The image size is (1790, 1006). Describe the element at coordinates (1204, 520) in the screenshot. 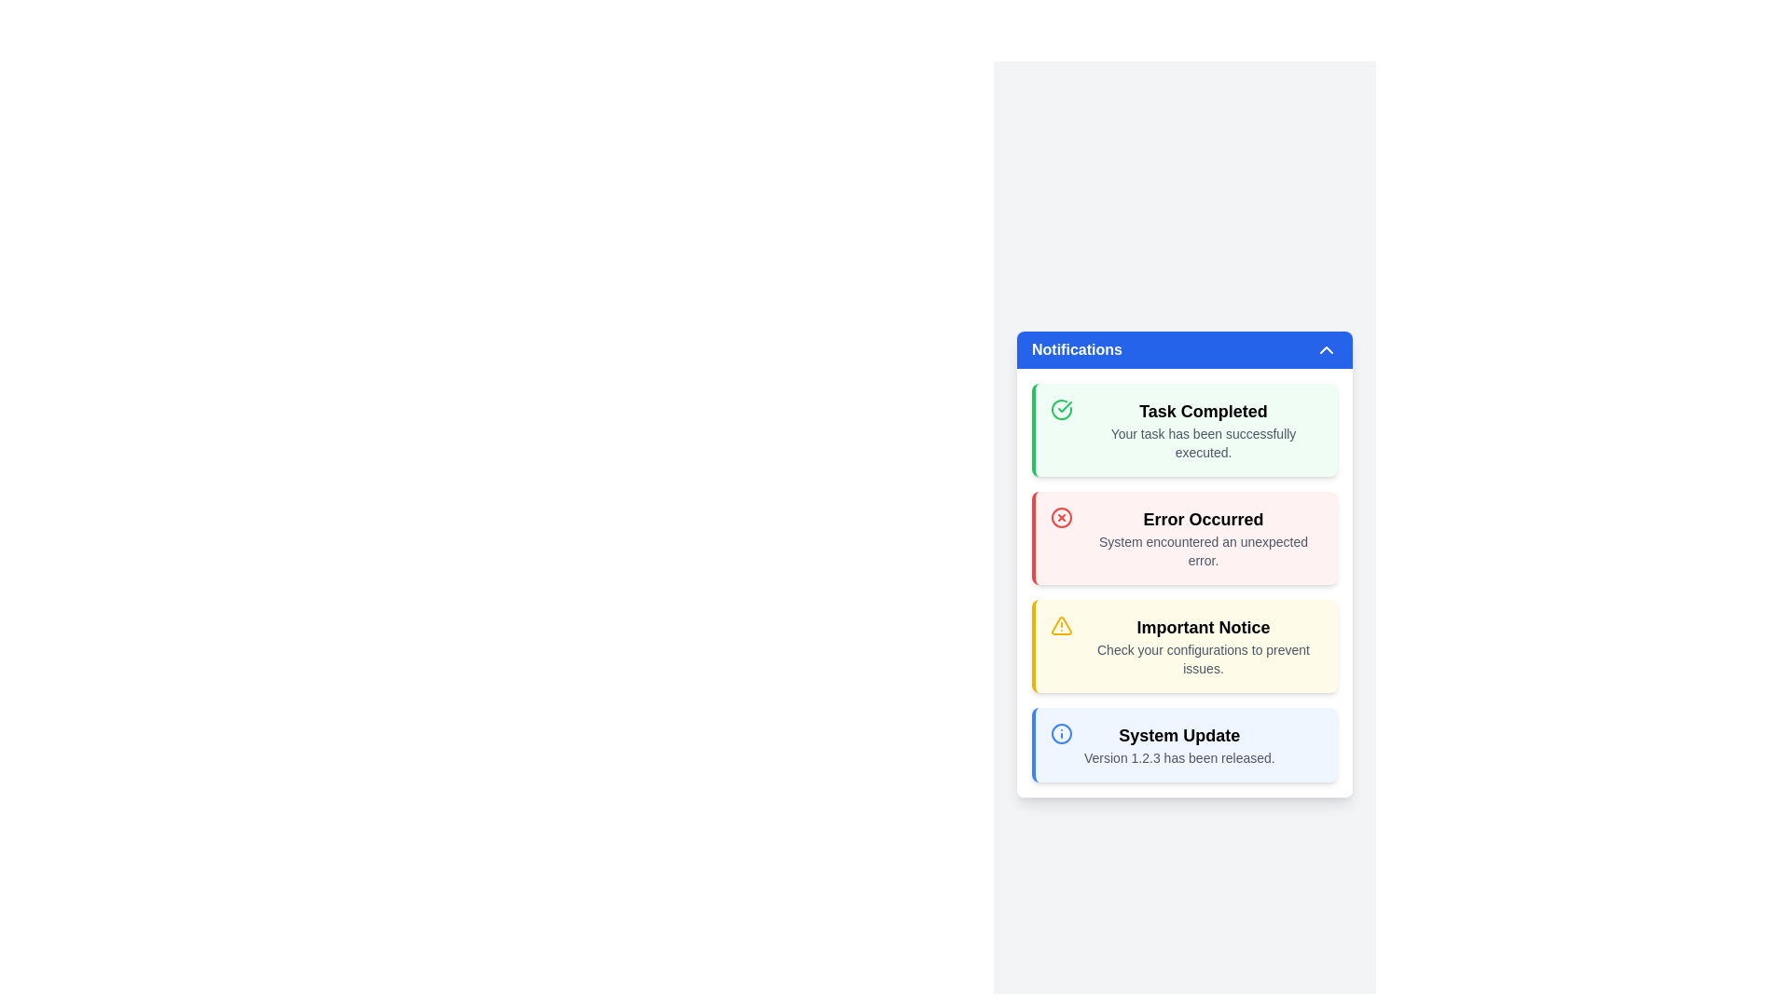

I see `the main title text label of the alert box indicating an error, located centrally in the highlighted red box under the 'Notifications' section` at that location.